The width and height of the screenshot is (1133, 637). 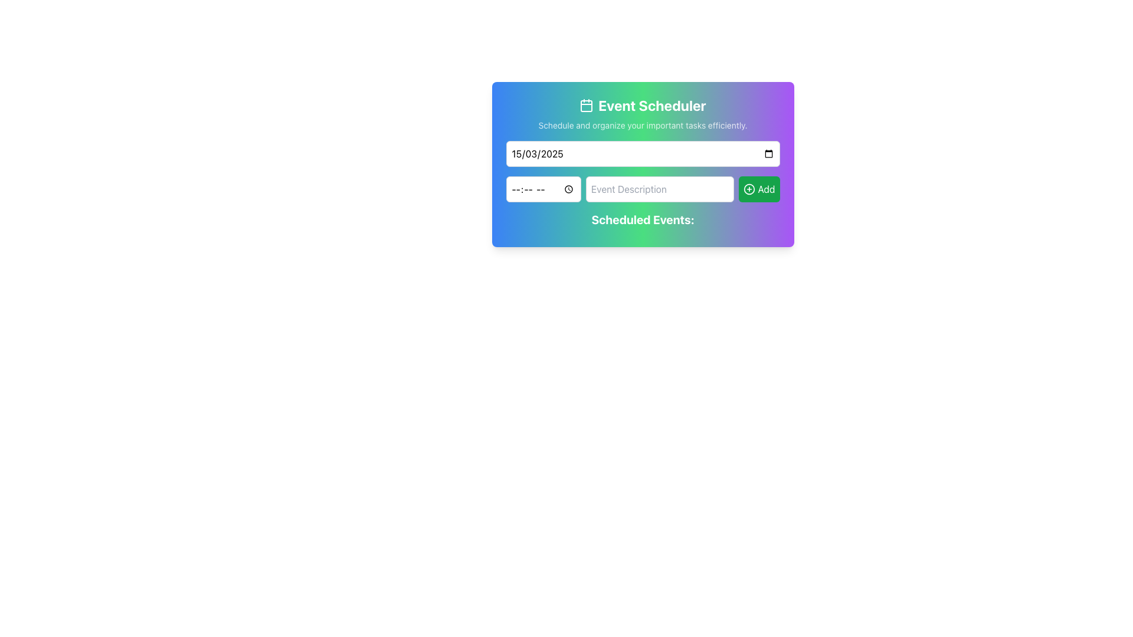 What do you see at coordinates (659, 188) in the screenshot?
I see `and drop text into the rectangular text input field with placeholder 'Event Description', centrally located between the time input field and the 'Add' button` at bounding box center [659, 188].